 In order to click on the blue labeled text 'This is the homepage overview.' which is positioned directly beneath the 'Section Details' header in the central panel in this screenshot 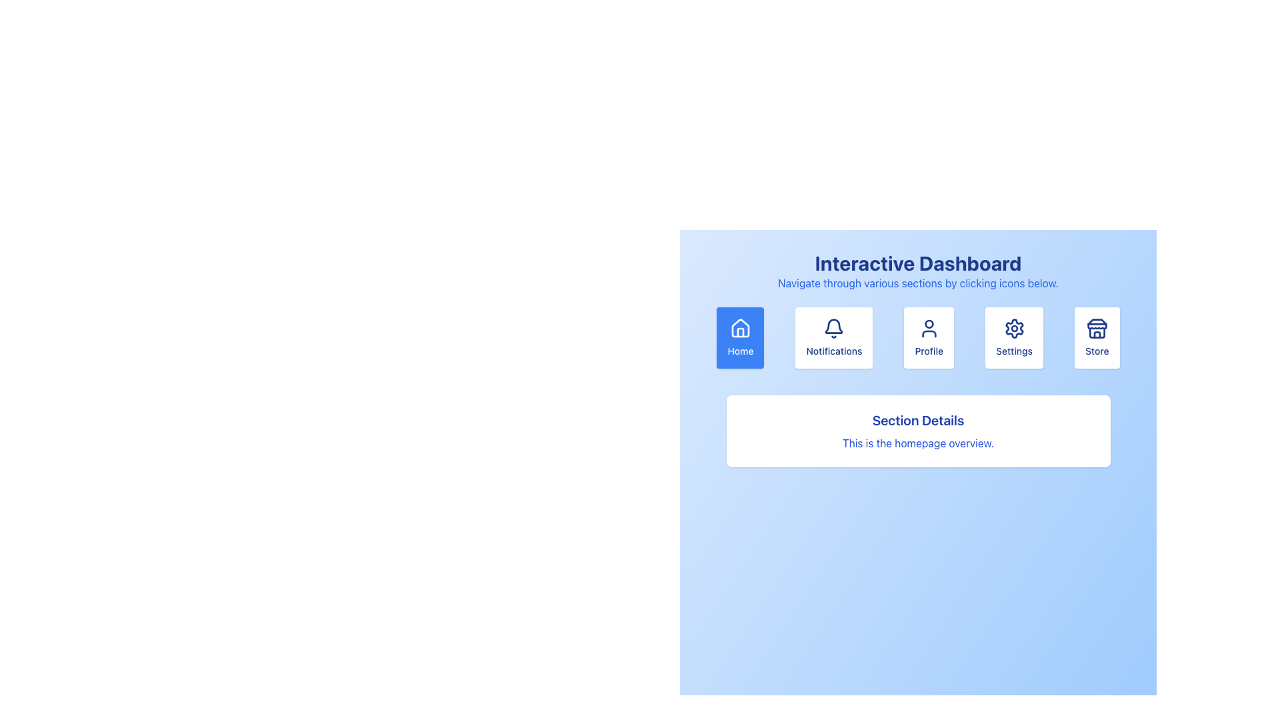, I will do `click(917, 443)`.